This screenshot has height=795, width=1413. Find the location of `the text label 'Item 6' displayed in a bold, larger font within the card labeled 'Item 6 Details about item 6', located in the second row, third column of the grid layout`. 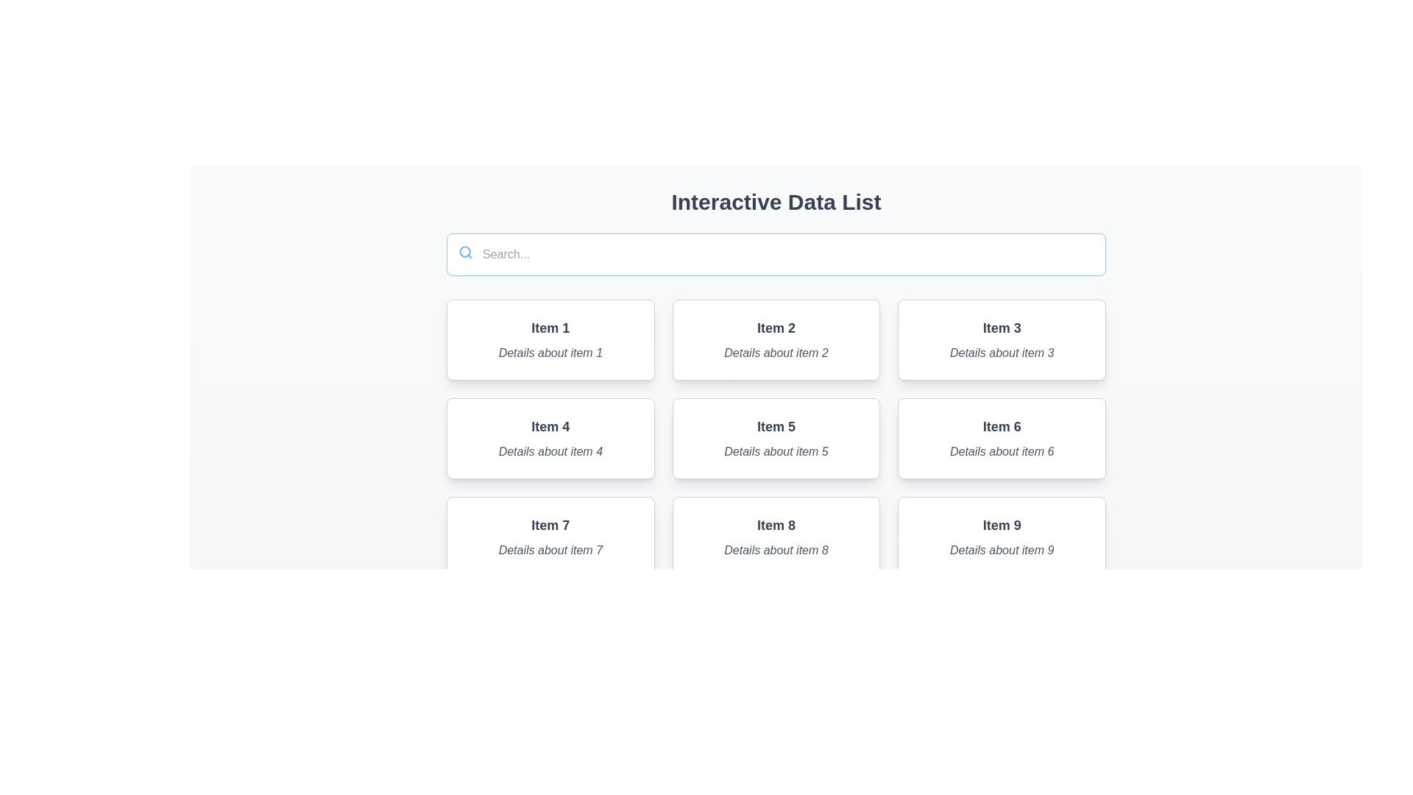

the text label 'Item 6' displayed in a bold, larger font within the card labeled 'Item 6 Details about item 6', located in the second row, third column of the grid layout is located at coordinates (1001, 426).